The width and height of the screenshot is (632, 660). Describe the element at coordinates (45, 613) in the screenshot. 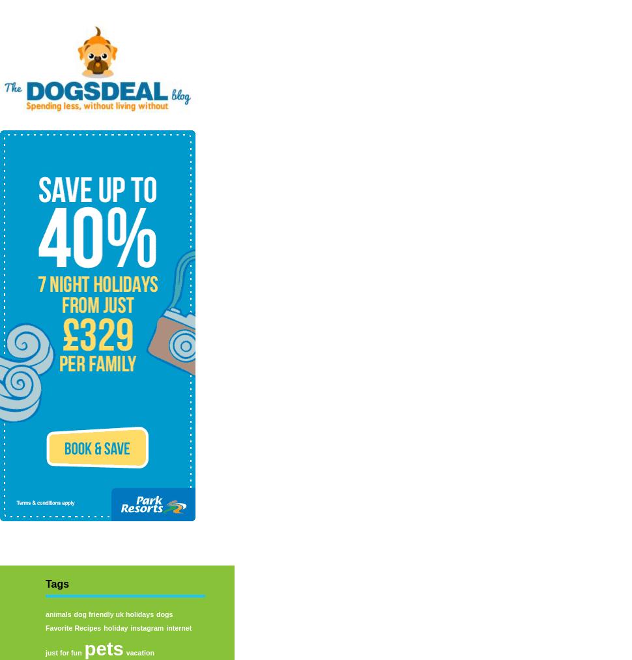

I see `'animals'` at that location.